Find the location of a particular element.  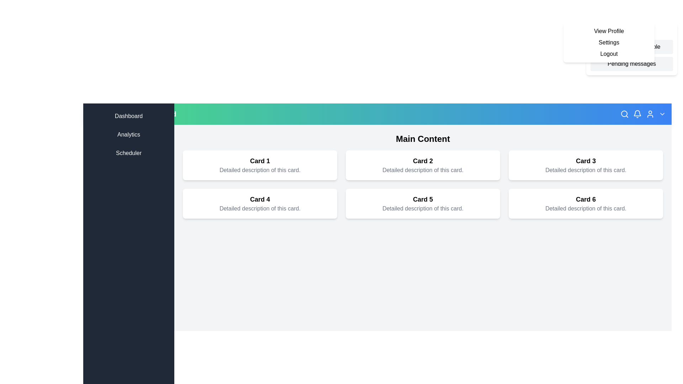

the 'Settings' text link in the user account dropdown menu located in the upper-right corner of the interface is located at coordinates (609, 42).